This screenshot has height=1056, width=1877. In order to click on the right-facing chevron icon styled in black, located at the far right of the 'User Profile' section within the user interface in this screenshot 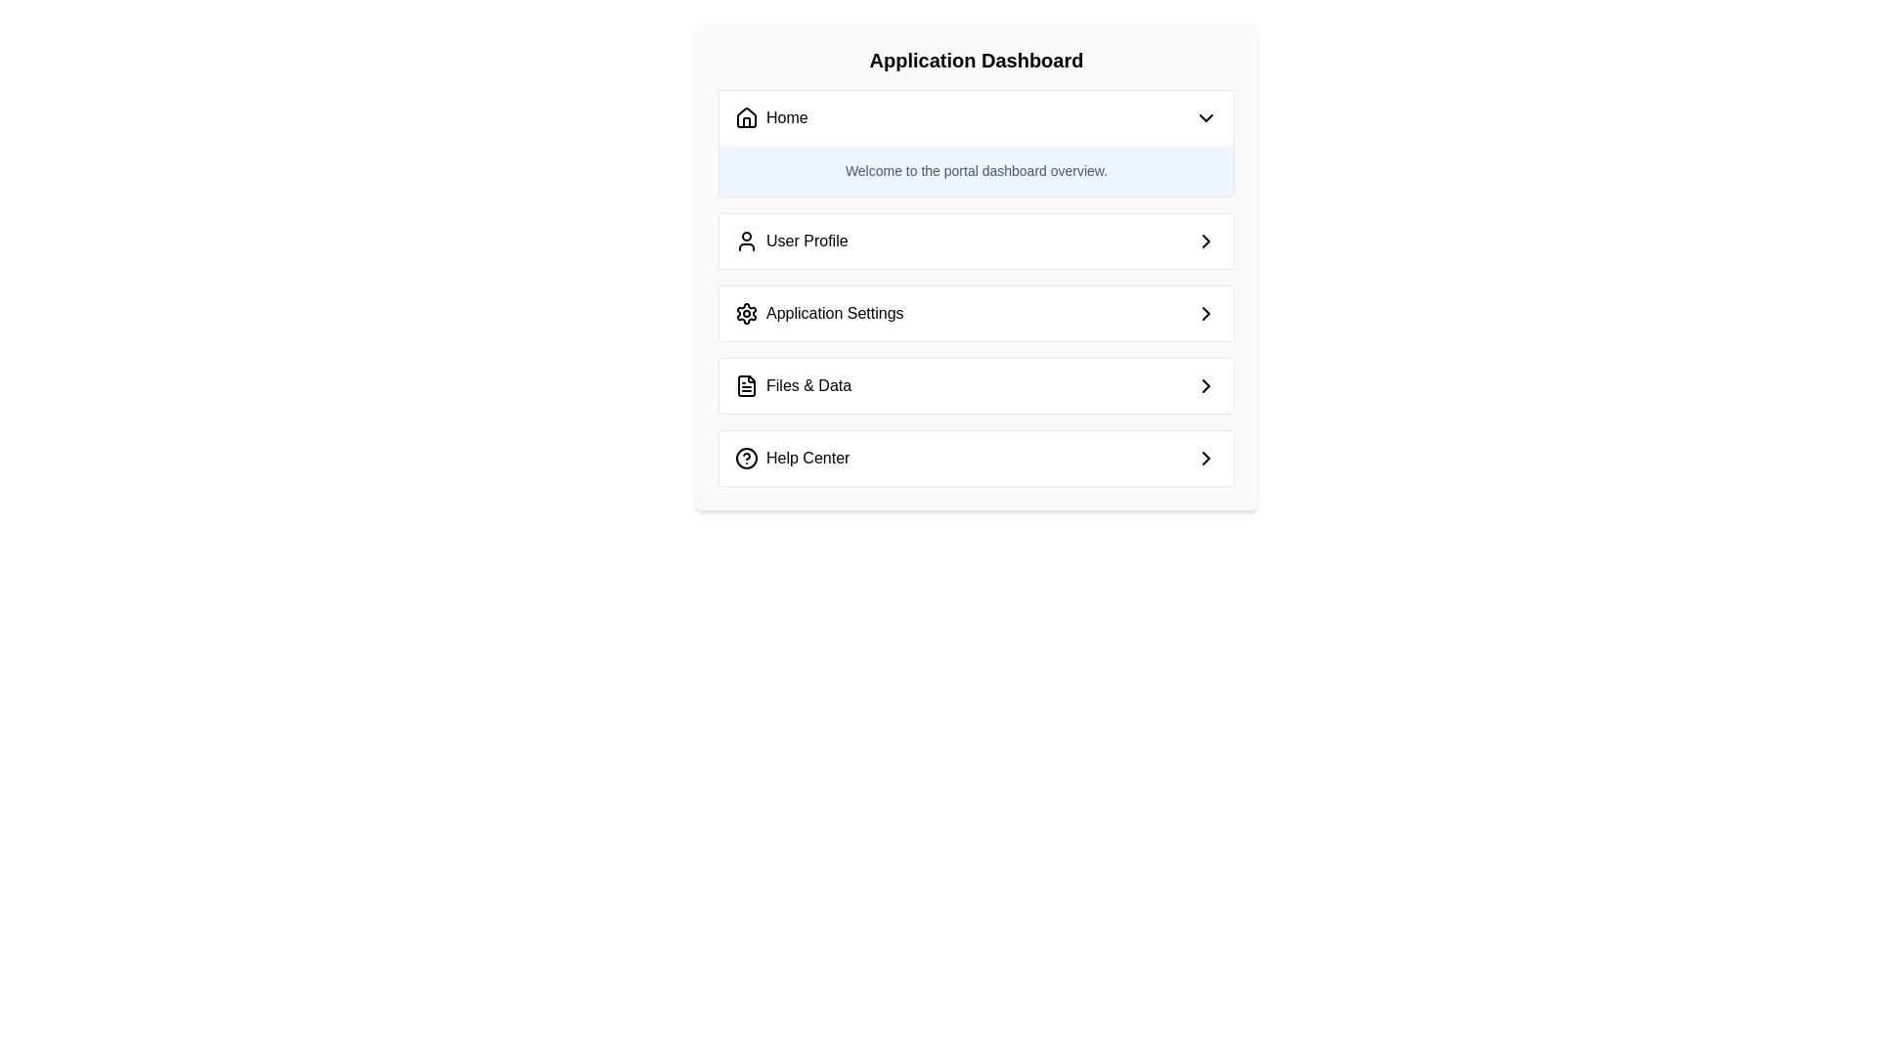, I will do `click(1204, 240)`.